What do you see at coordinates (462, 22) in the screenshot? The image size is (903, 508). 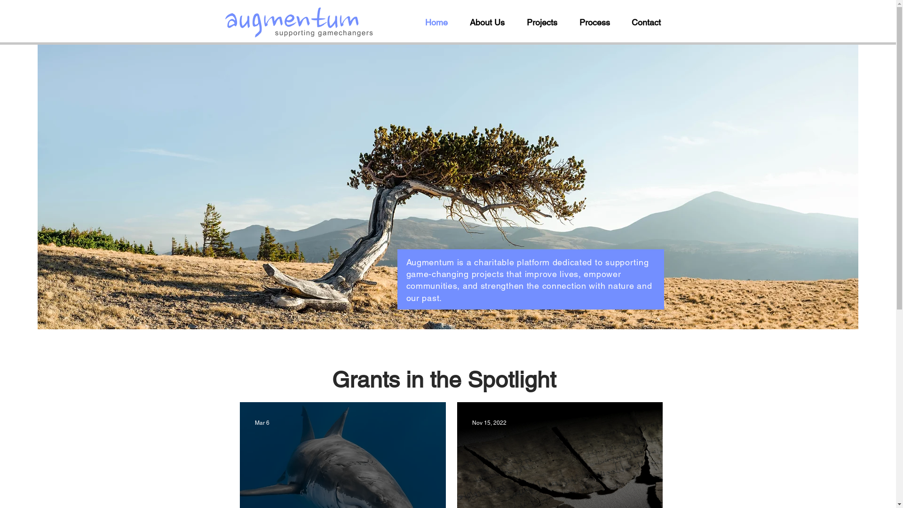 I see `'About Us'` at bounding box center [462, 22].